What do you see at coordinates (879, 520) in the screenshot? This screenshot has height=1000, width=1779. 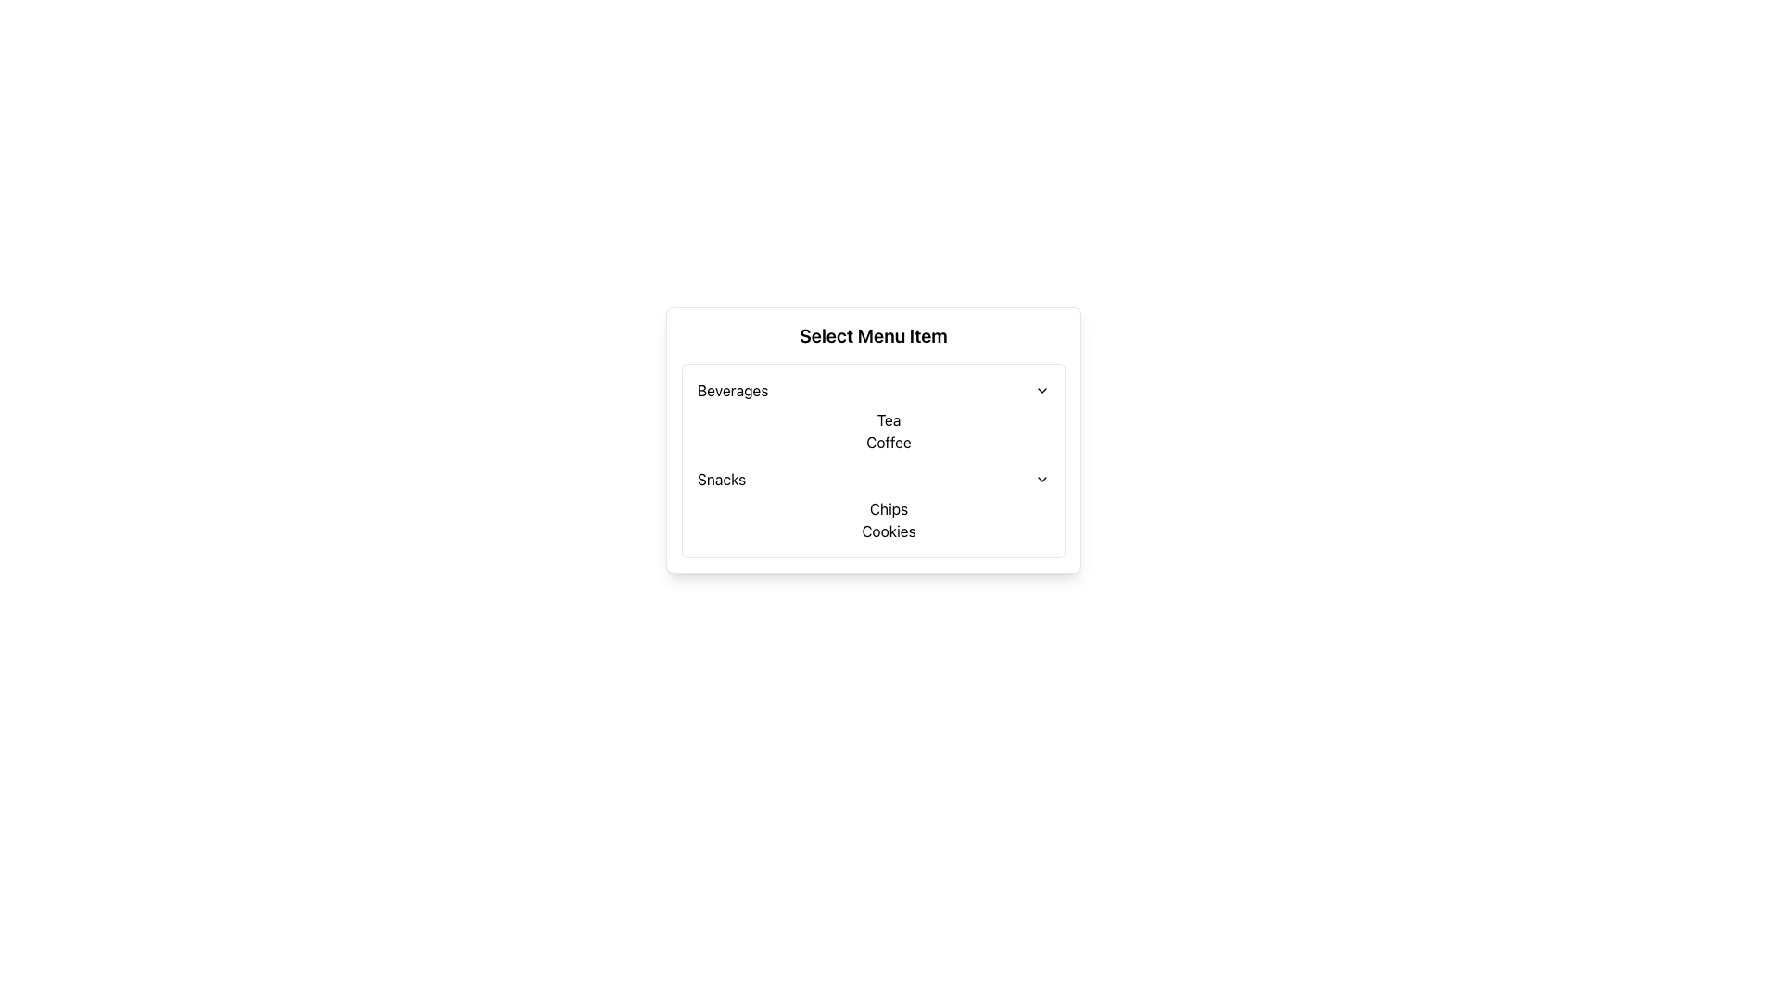 I see `options 'Chips' and 'Cookies' presented in the Text group within the dropdown menu under the 'Snacks' header` at bounding box center [879, 520].